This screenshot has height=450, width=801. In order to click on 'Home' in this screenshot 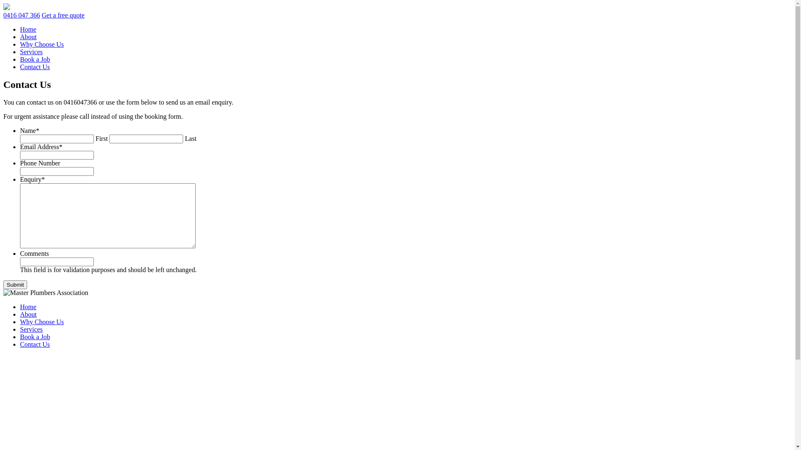, I will do `click(28, 29)`.